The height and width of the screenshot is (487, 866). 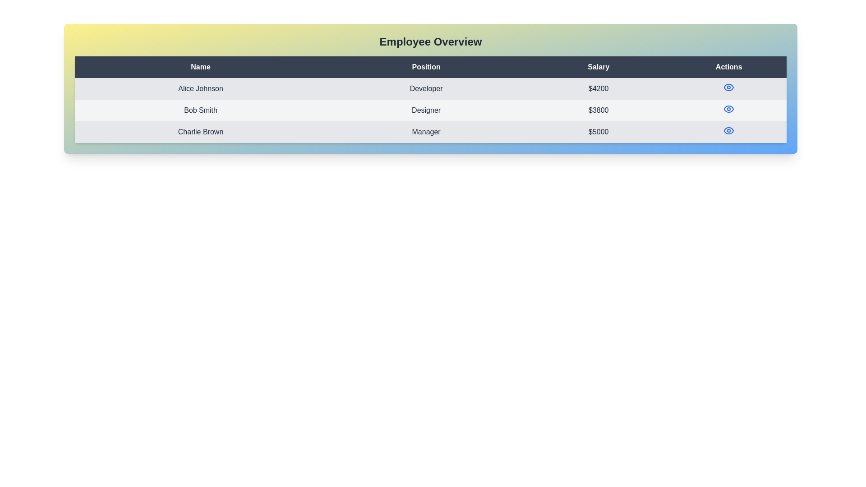 I want to click on the Text label indicating the salary of employee 'Charlie Brown', which is the third item in the Salary column of the employee overview table, so click(x=599, y=132).